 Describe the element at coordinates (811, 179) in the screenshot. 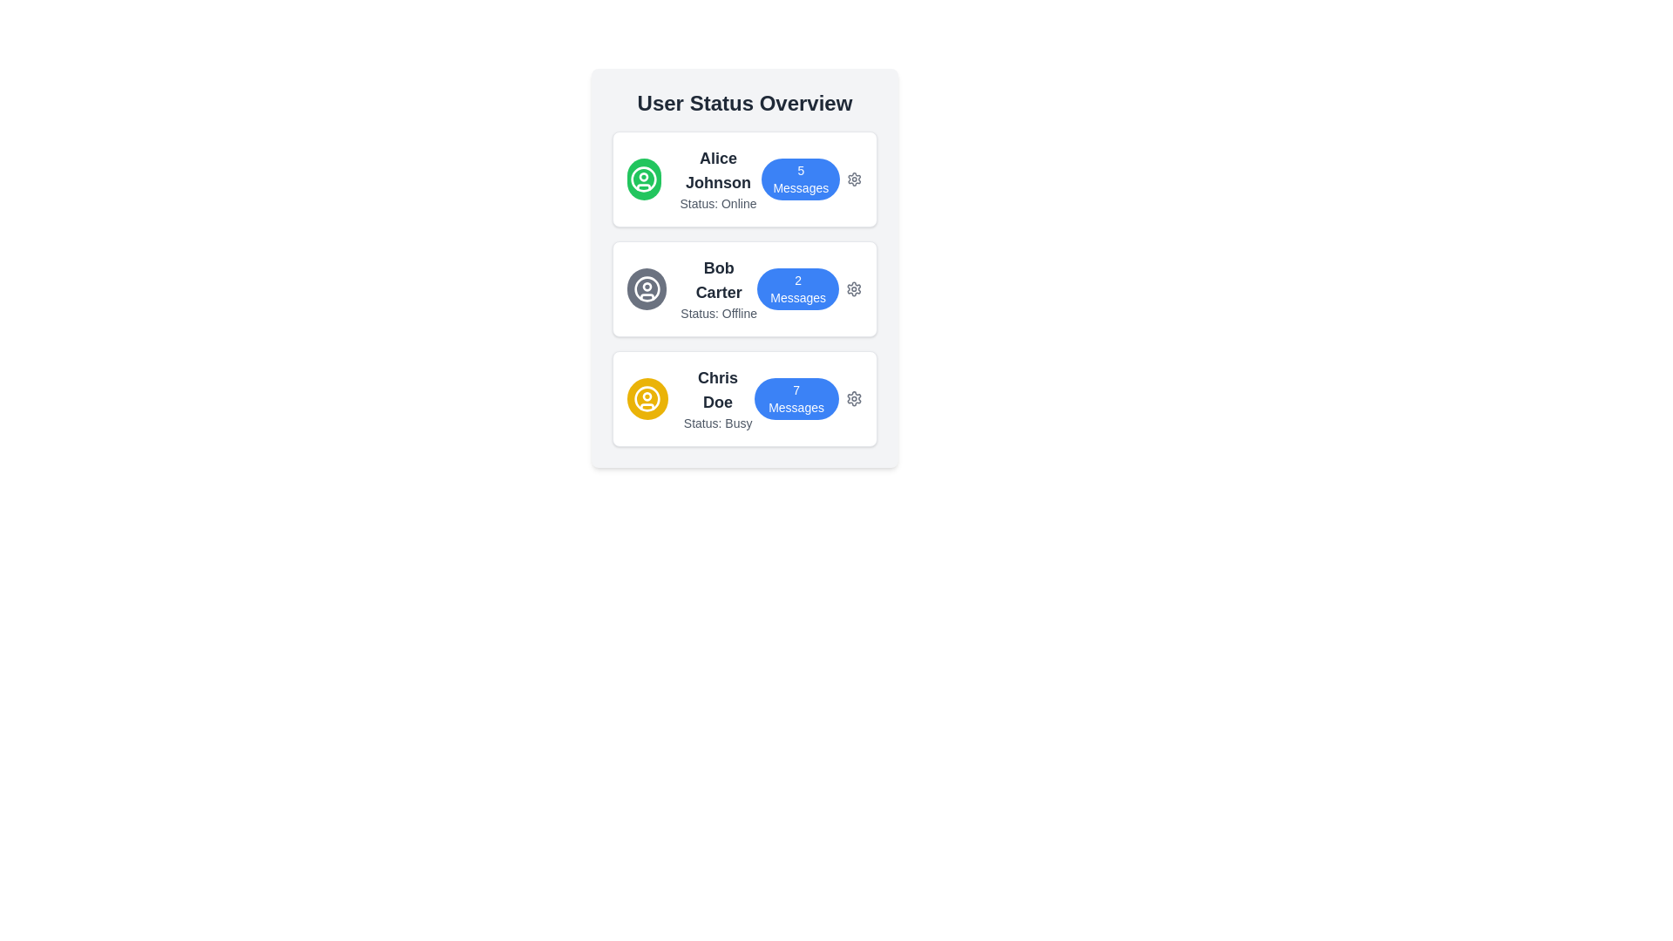

I see `the blue rounded badge containing the text '5 Messages' in white, which is part of the user status card` at that location.